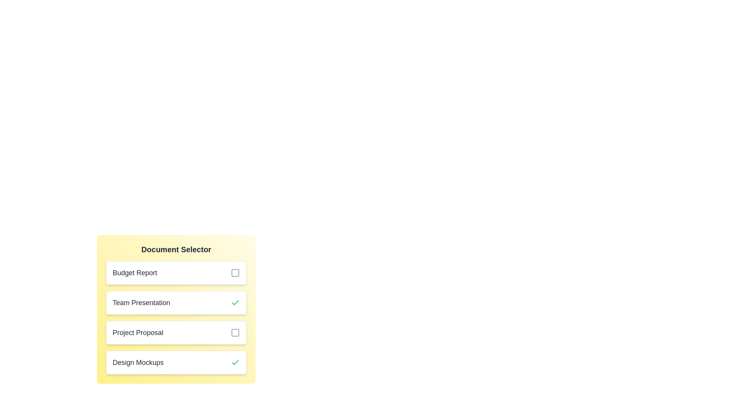  I want to click on the document Budget Report by clicking its checkbox, so click(235, 273).